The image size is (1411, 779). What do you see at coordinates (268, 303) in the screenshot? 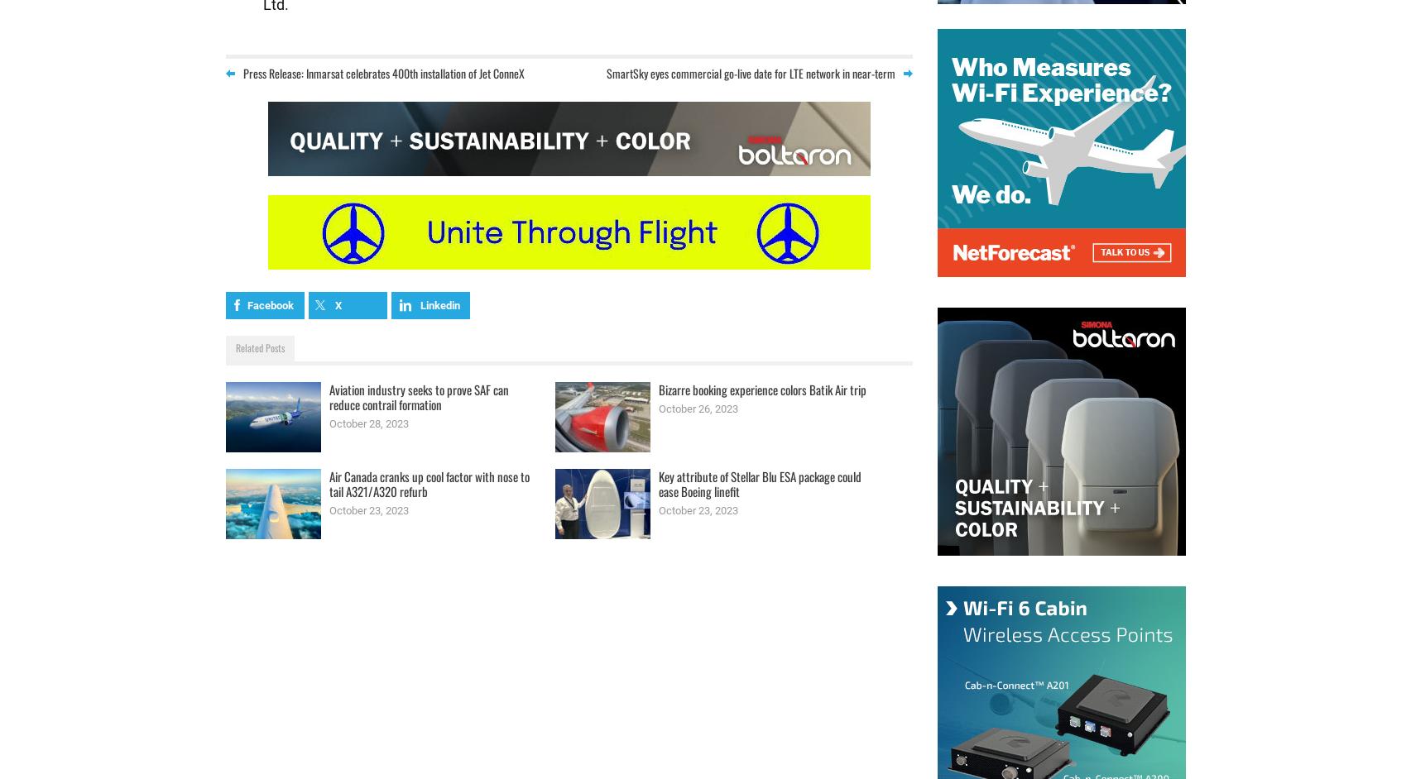
I see `'Facebook'` at bounding box center [268, 303].